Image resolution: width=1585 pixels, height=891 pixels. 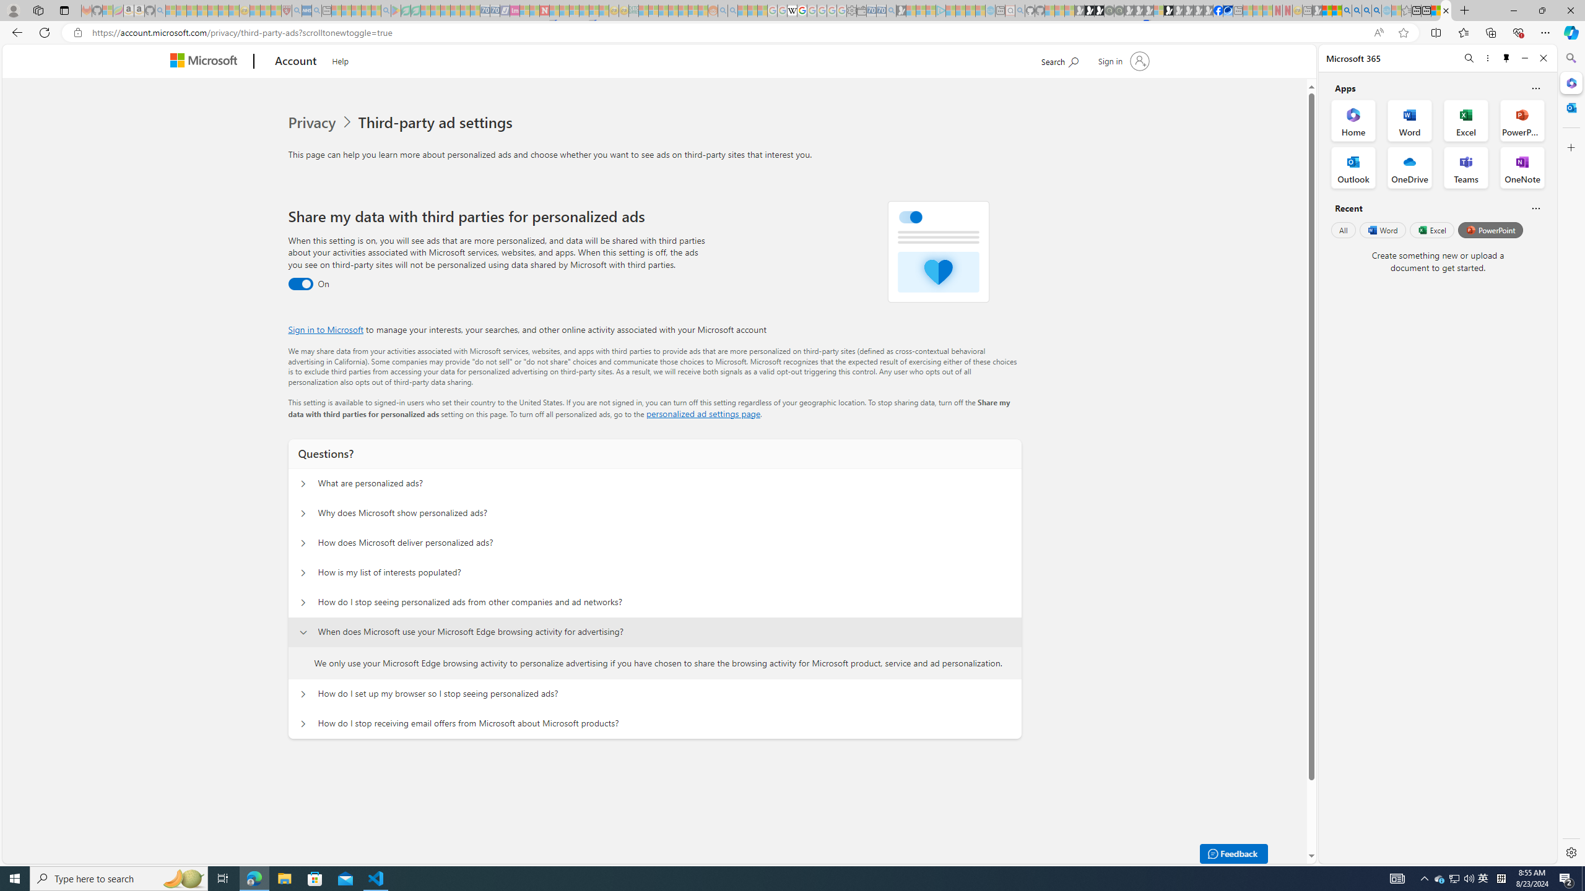 I want to click on 'Bing AI - Search', so click(x=1345, y=10).